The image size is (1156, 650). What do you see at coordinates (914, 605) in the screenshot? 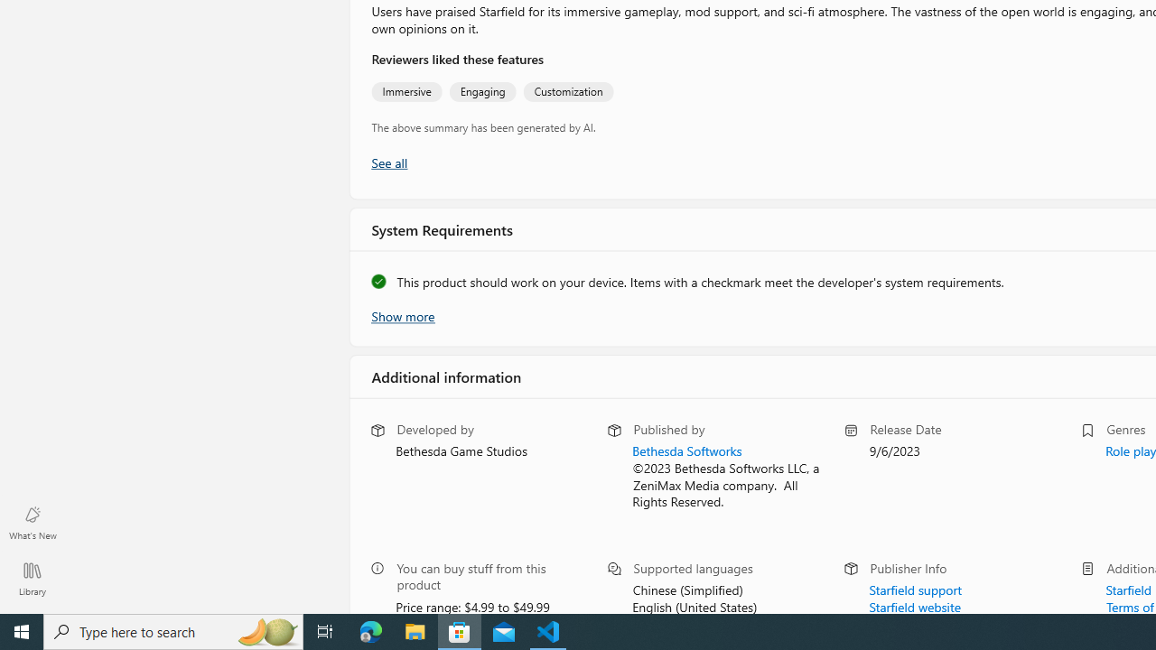
I see `'Starfield website'` at bounding box center [914, 605].